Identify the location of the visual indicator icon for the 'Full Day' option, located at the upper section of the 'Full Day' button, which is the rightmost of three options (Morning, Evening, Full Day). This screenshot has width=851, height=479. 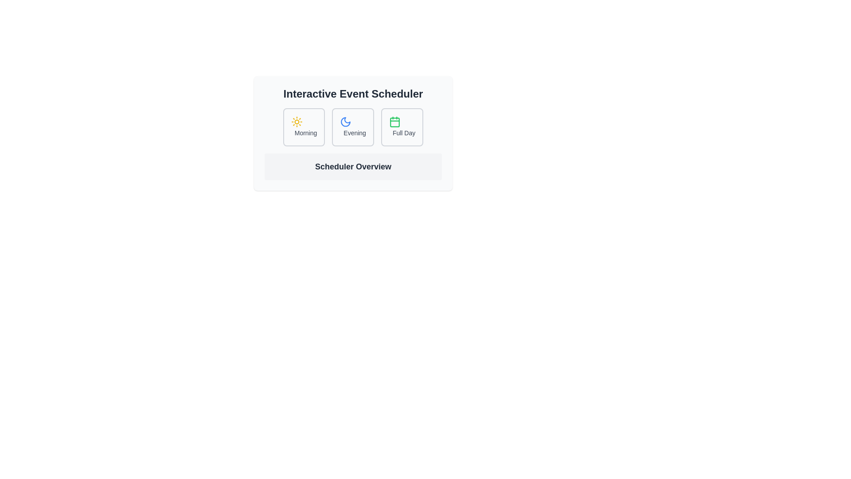
(394, 122).